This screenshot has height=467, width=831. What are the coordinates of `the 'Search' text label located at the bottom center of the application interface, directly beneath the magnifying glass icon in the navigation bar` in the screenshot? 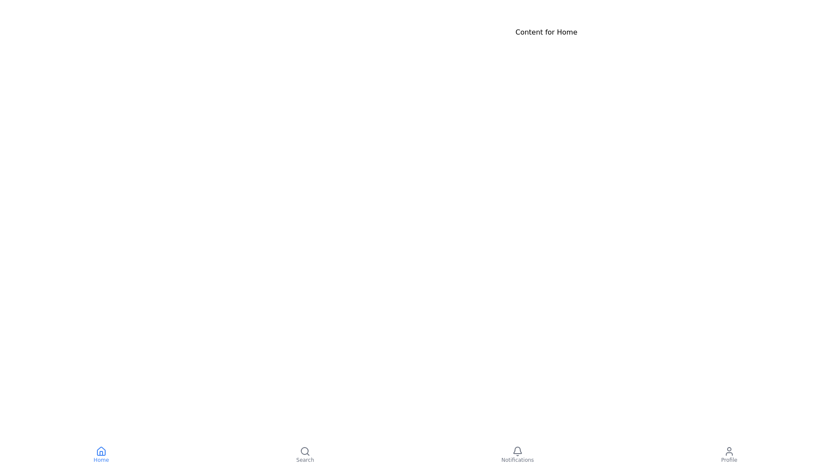 It's located at (305, 460).